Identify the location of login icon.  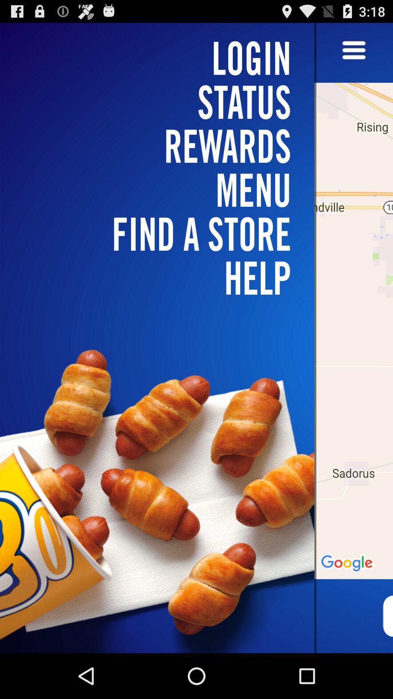
(161, 58).